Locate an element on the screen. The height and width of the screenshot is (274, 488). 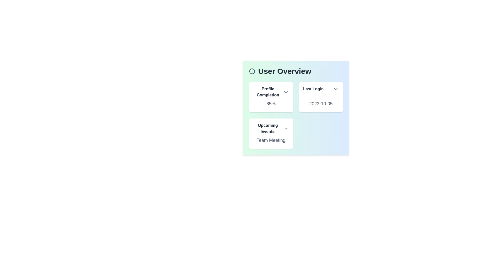
the label indicating the date context in the top right corner of the white rounded card, part of the 'User Overview' section is located at coordinates (321, 89).